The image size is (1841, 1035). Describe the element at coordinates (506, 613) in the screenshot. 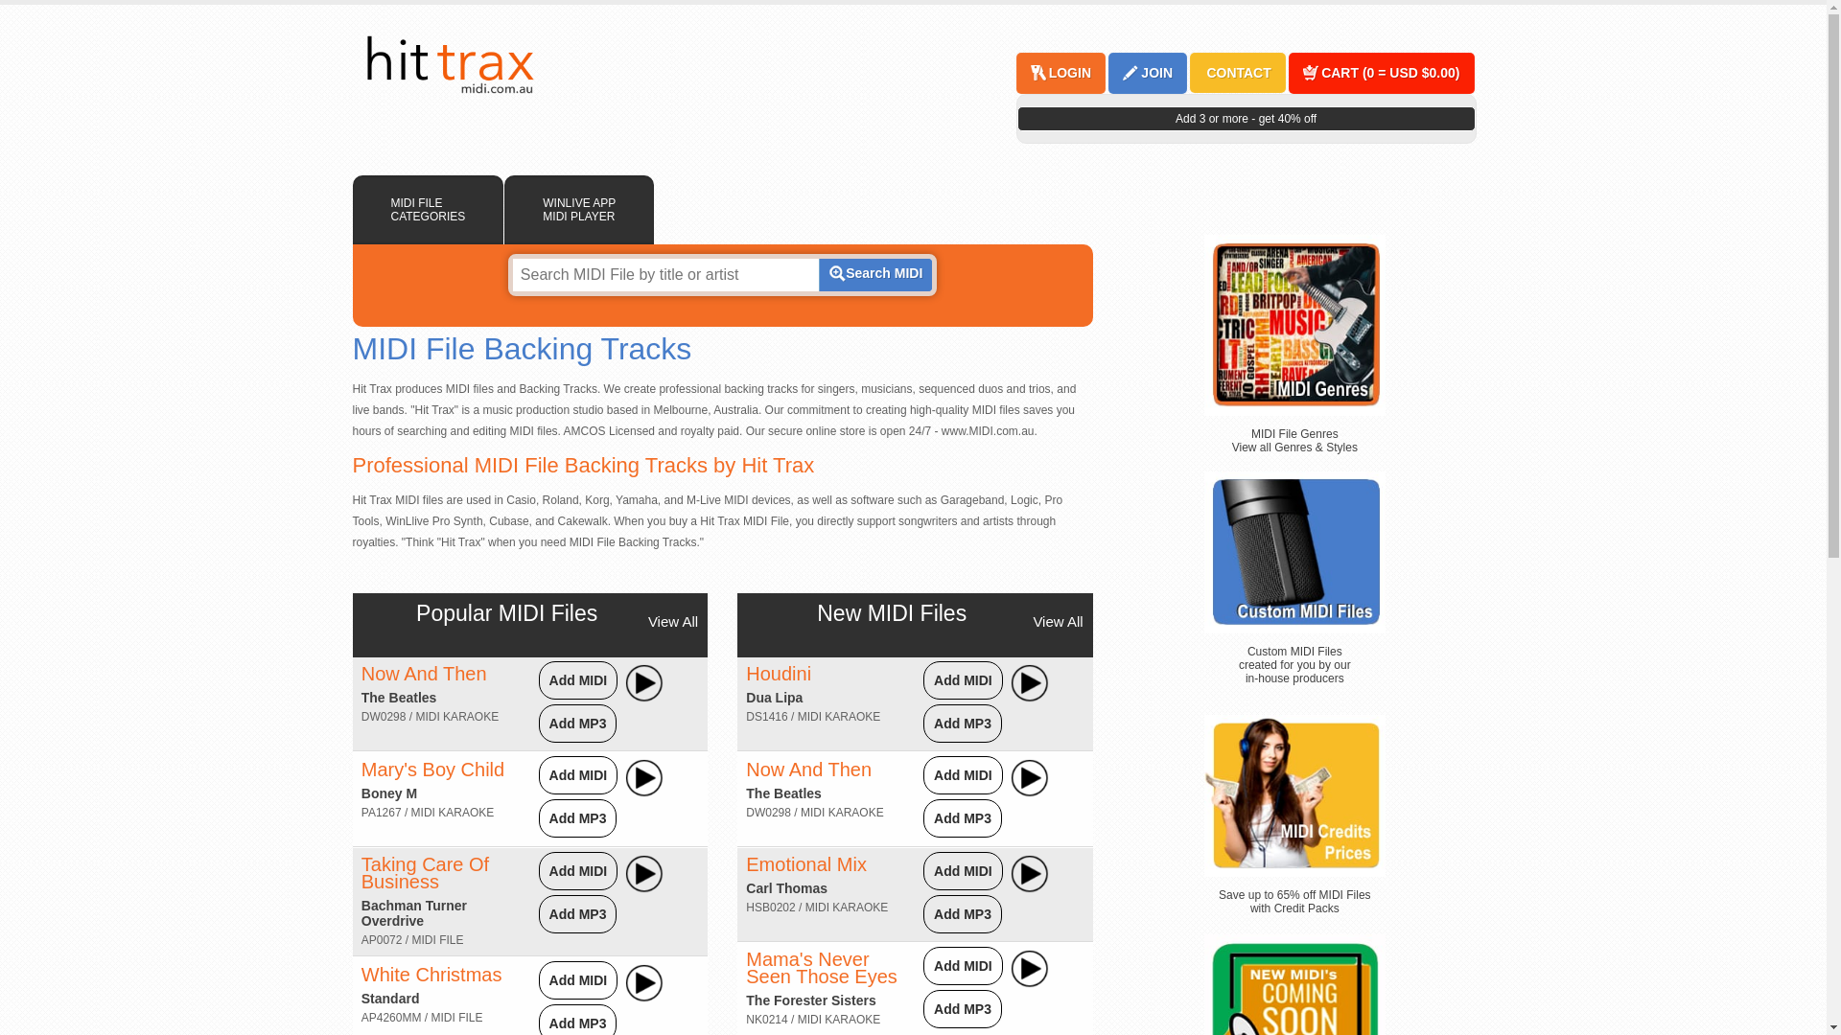

I see `'Popular MIDI Files` at that location.